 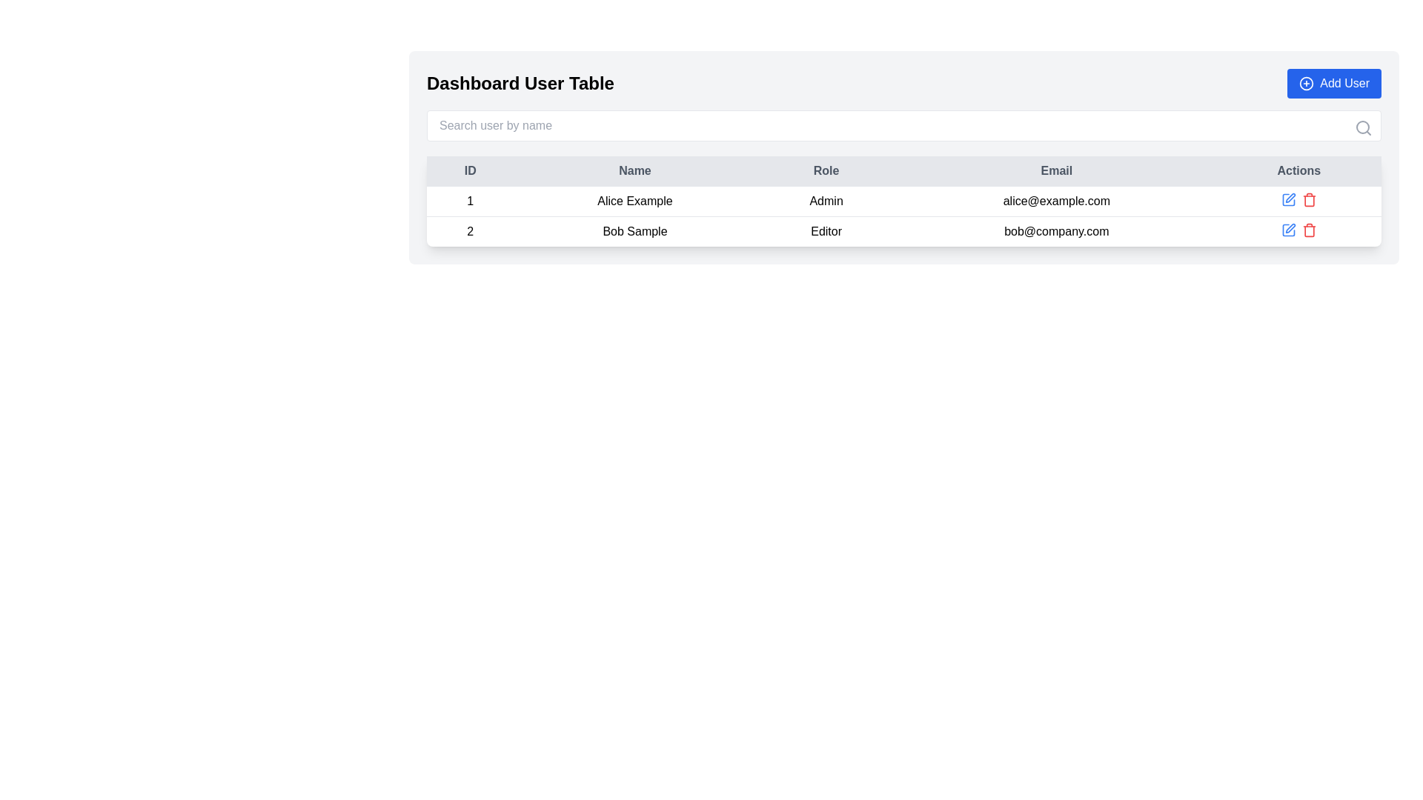 What do you see at coordinates (634, 231) in the screenshot?
I see `the text displaying the name of the user in the second row of the user table under the 'Name' column for interaction` at bounding box center [634, 231].